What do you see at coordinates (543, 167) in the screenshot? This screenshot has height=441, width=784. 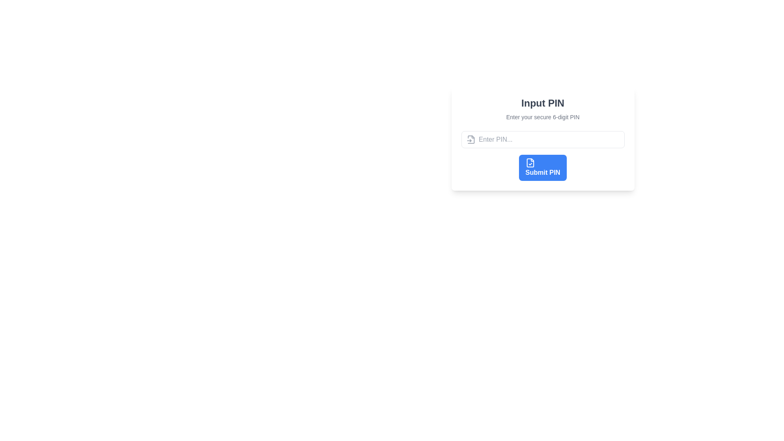 I see `the 'Submit PIN' button which has a blue background and white text` at bounding box center [543, 167].